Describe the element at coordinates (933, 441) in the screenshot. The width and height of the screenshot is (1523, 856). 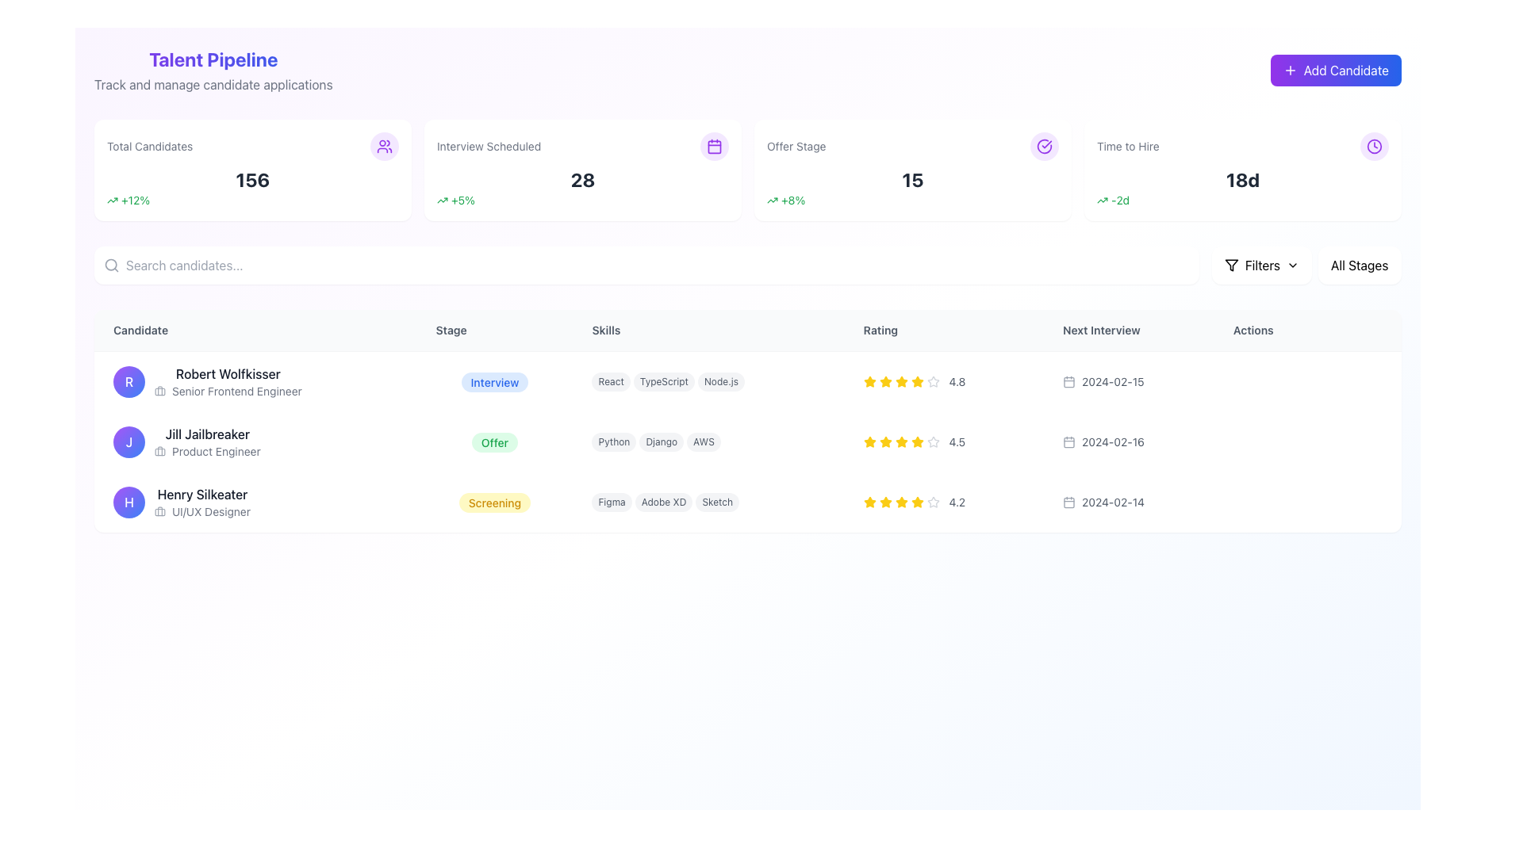
I see `the third star icon in the rating interface for the entry associated with Jill Jailbreaker to set a rating` at that location.